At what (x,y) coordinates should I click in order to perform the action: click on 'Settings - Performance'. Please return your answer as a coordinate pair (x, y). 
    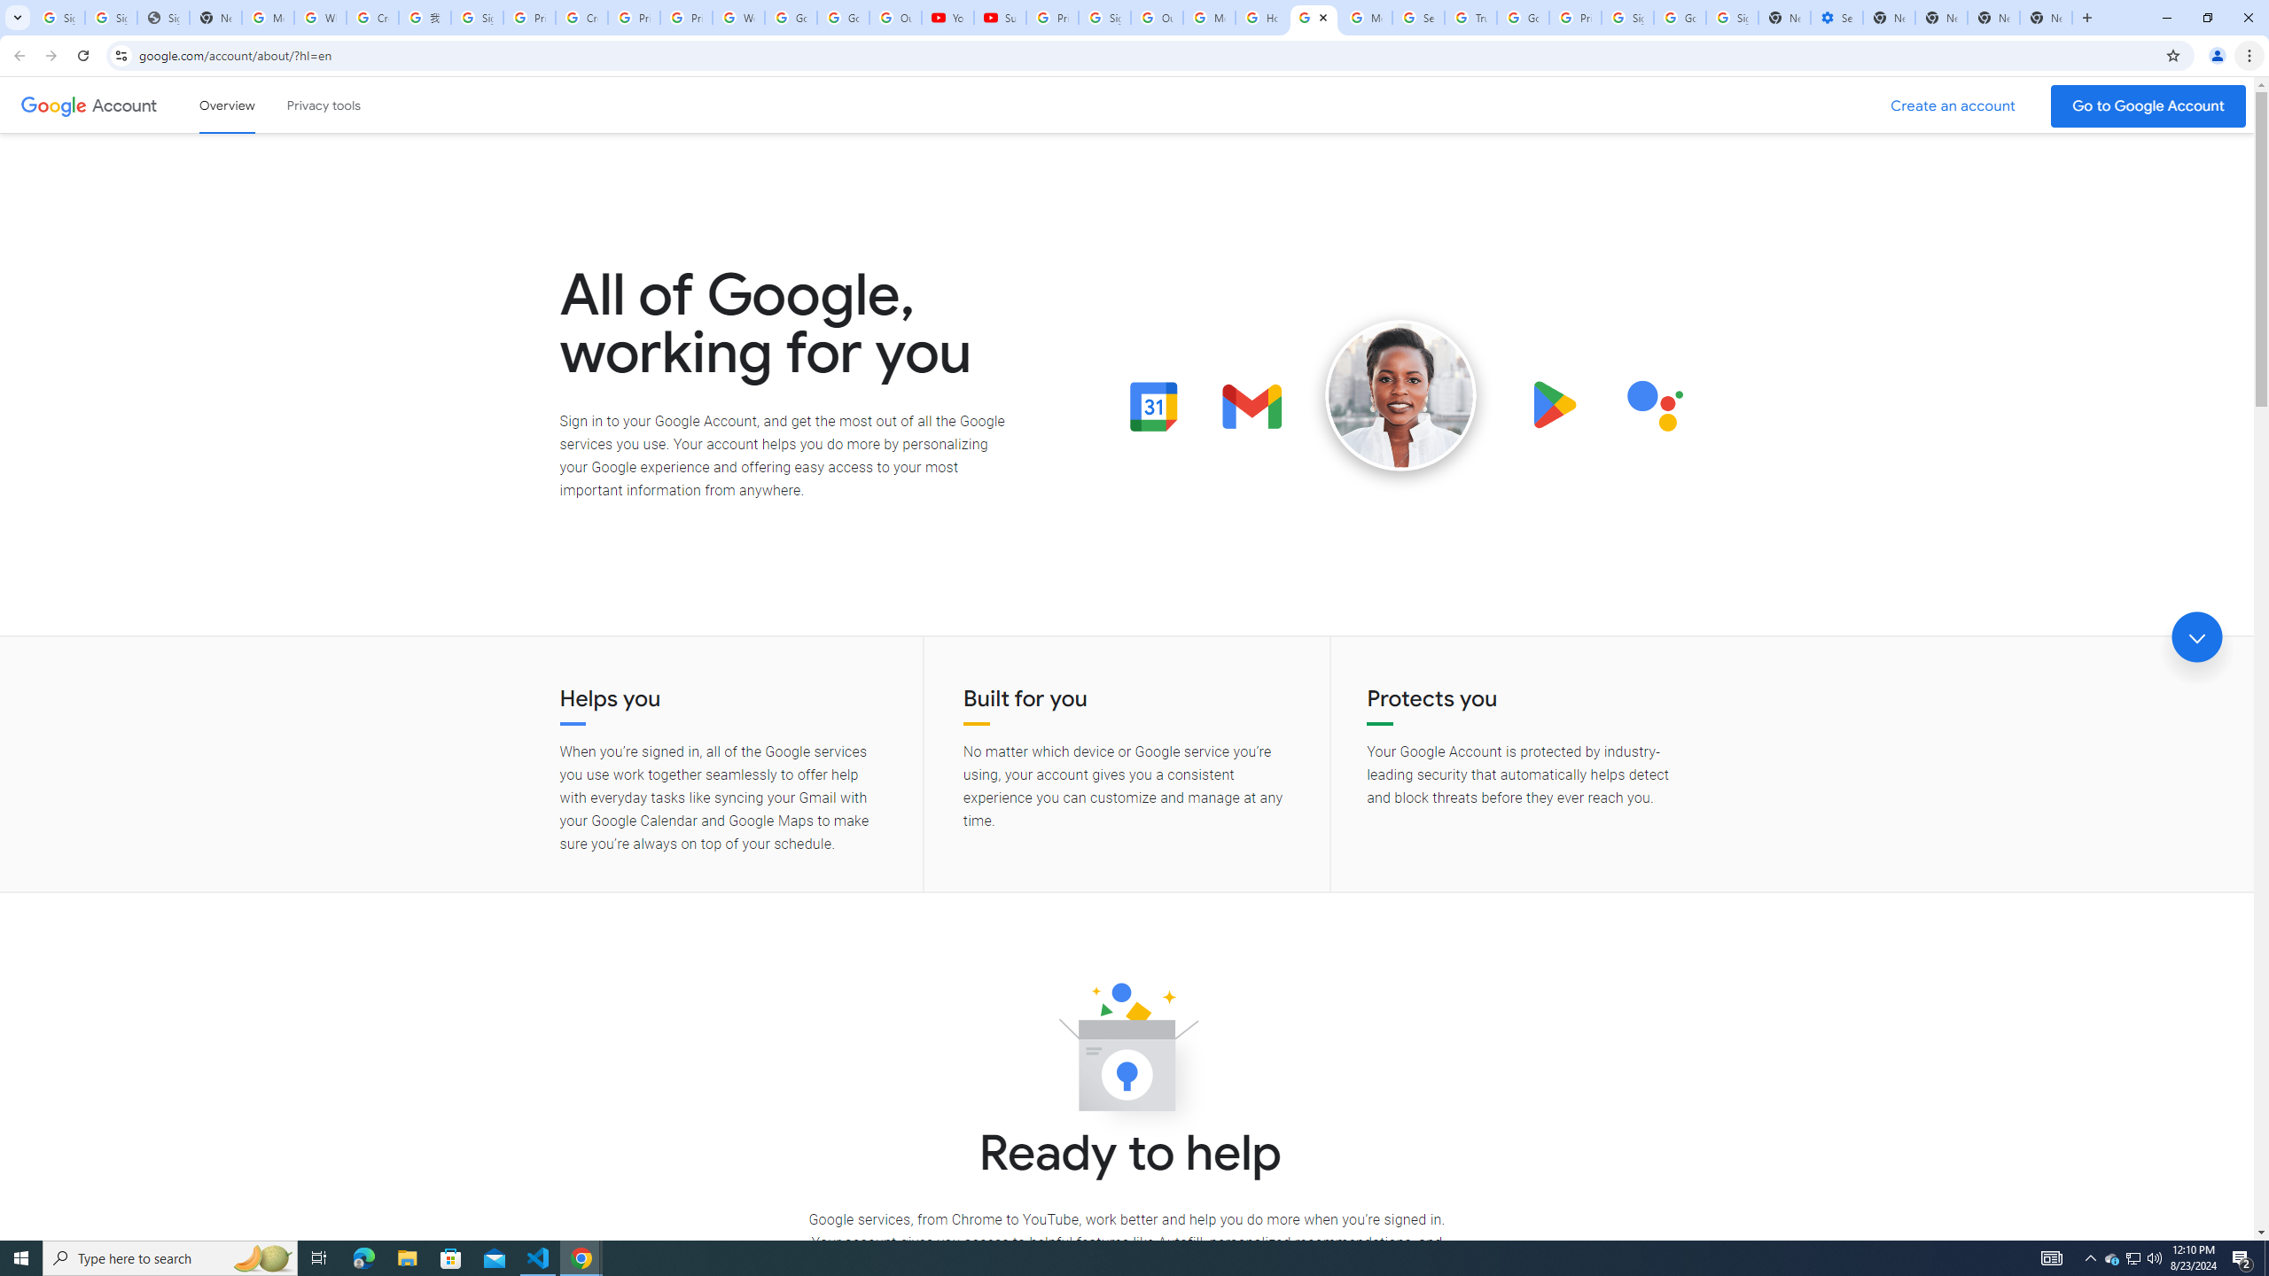
    Looking at the image, I should click on (1836, 17).